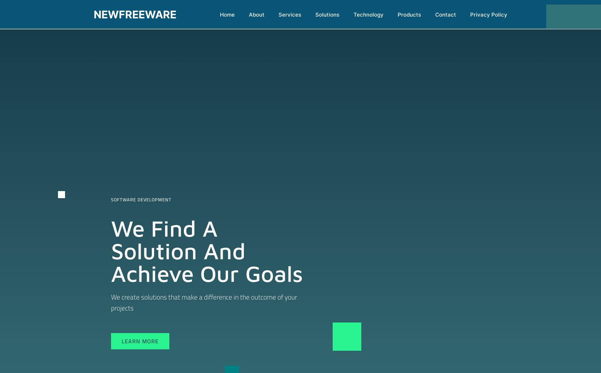  I want to click on 'NEWFREEWARE', so click(134, 14).